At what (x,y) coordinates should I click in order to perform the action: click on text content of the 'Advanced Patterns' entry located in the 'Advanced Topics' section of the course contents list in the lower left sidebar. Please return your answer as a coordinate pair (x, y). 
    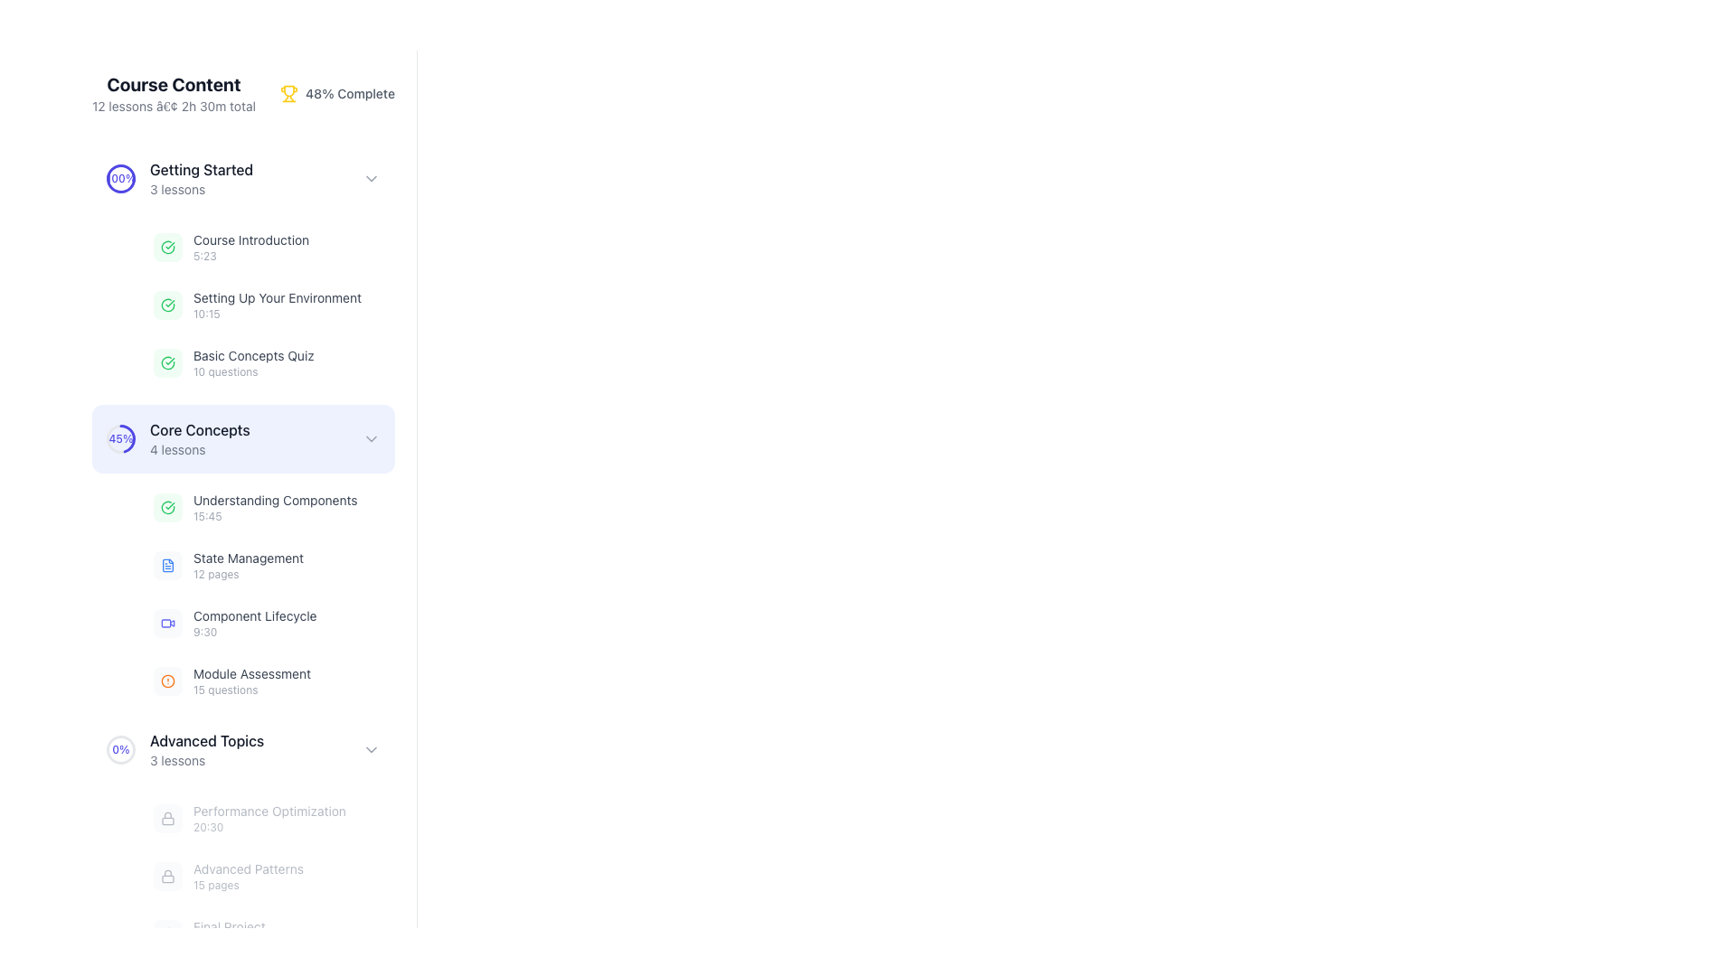
    Looking at the image, I should click on (247, 875).